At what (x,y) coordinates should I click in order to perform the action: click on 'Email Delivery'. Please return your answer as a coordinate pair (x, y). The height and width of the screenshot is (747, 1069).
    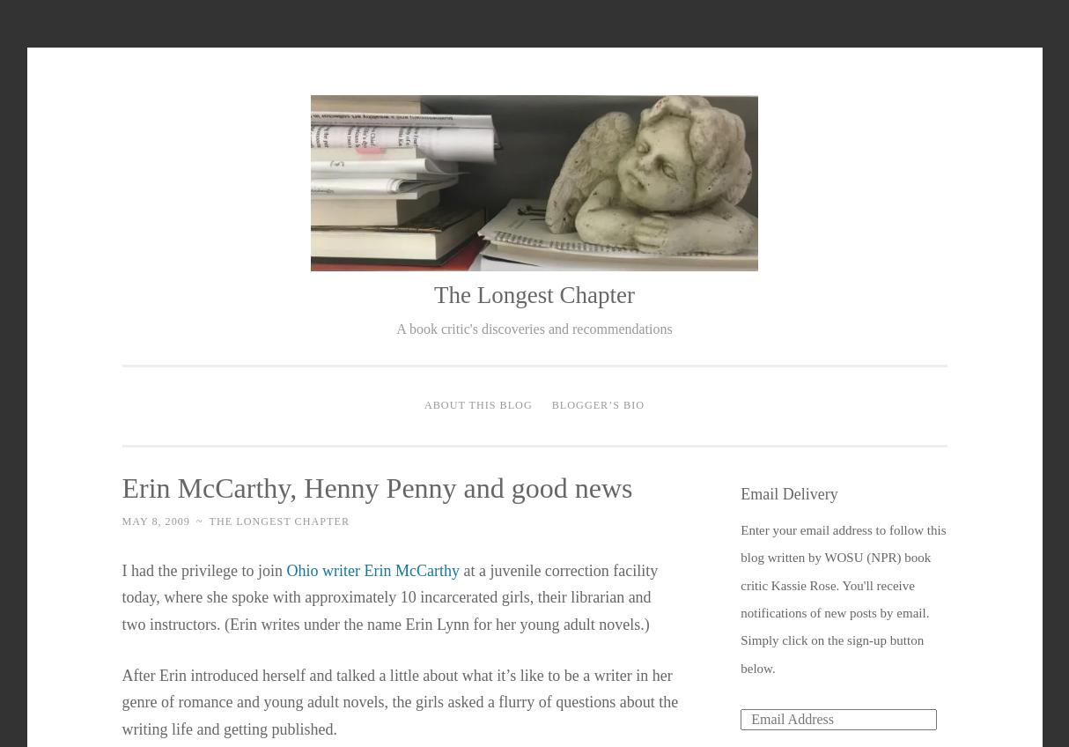
    Looking at the image, I should click on (788, 492).